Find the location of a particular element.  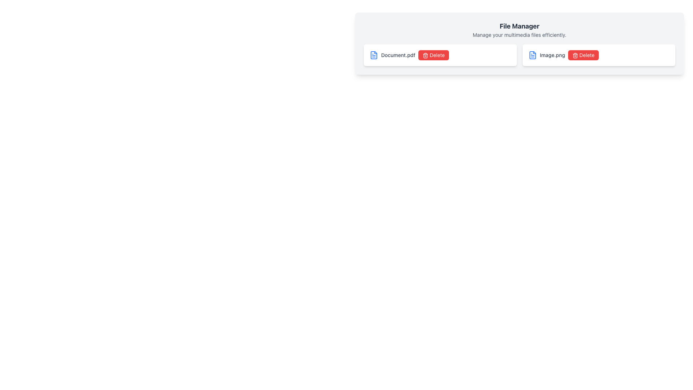

the file name 'Image.png' in the File entry component is located at coordinates (599, 55).